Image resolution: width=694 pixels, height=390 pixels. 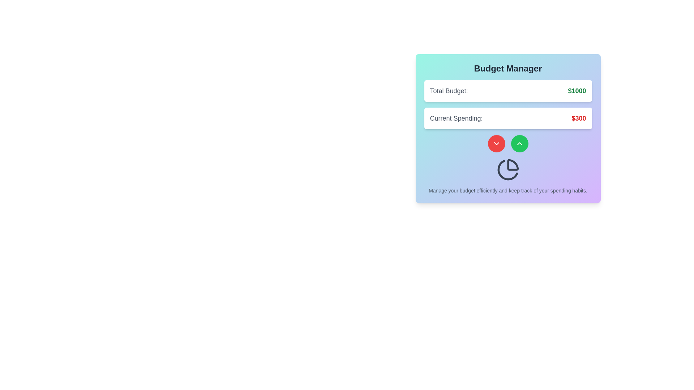 What do you see at coordinates (507, 118) in the screenshot?
I see `the Information display card that shows 'Current Spending' on the left and '$300' on the right, located under the 'Total Budget' card in the 'Budget Manager' component` at bounding box center [507, 118].